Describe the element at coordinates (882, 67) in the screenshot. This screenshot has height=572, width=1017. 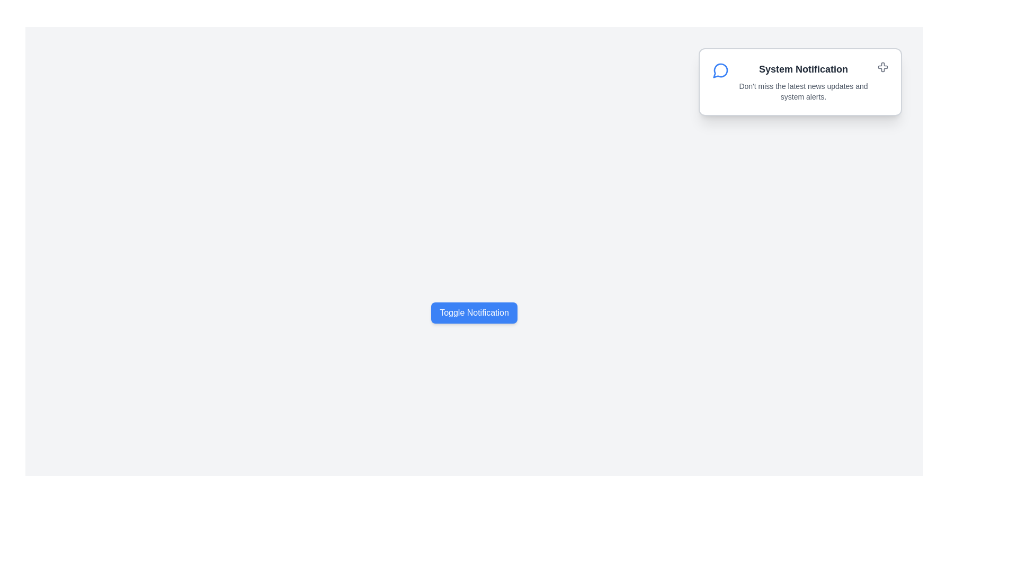
I see `the close button located in the top-right corner of the 'System Notification' banner` at that location.